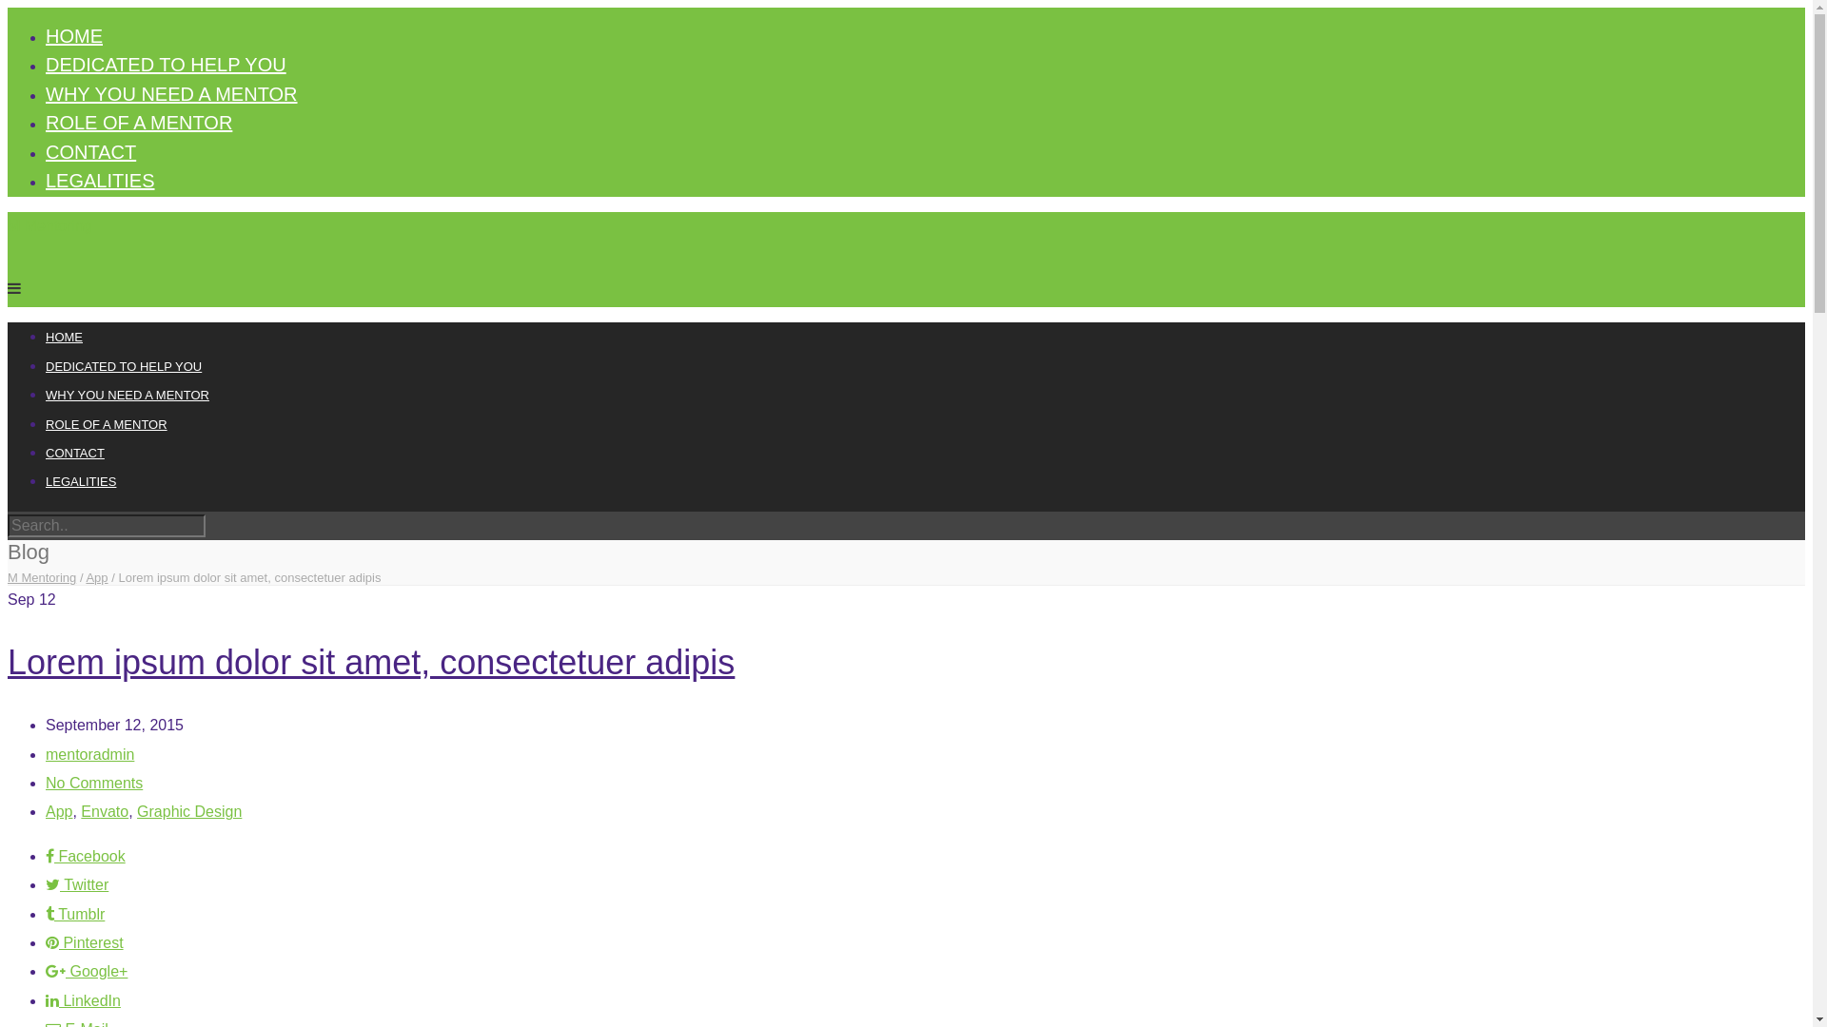 The width and height of the screenshot is (1827, 1027). What do you see at coordinates (73, 36) in the screenshot?
I see `'HOME'` at bounding box center [73, 36].